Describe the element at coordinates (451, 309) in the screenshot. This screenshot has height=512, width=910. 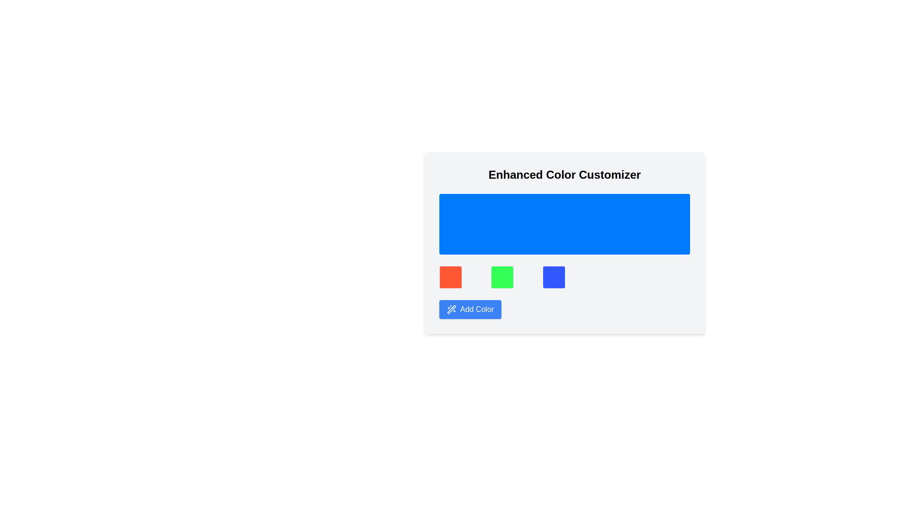
I see `the decorative SVG icon located within the 'Add Color' button in the color customizer interface` at that location.